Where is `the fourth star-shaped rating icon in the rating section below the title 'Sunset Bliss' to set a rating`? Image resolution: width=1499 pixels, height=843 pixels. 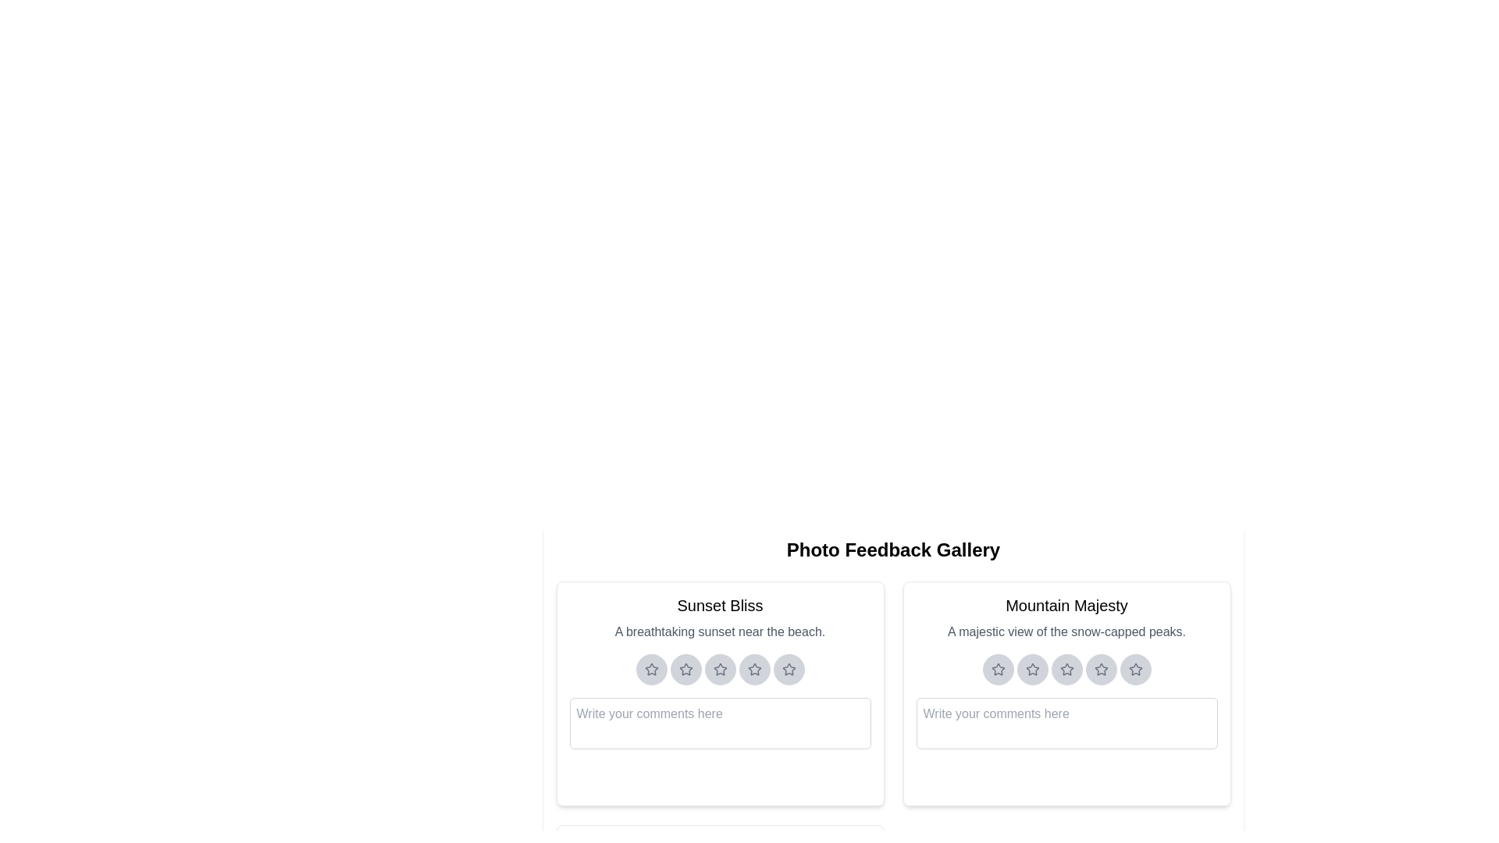 the fourth star-shaped rating icon in the rating section below the title 'Sunset Bliss' to set a rating is located at coordinates (754, 668).